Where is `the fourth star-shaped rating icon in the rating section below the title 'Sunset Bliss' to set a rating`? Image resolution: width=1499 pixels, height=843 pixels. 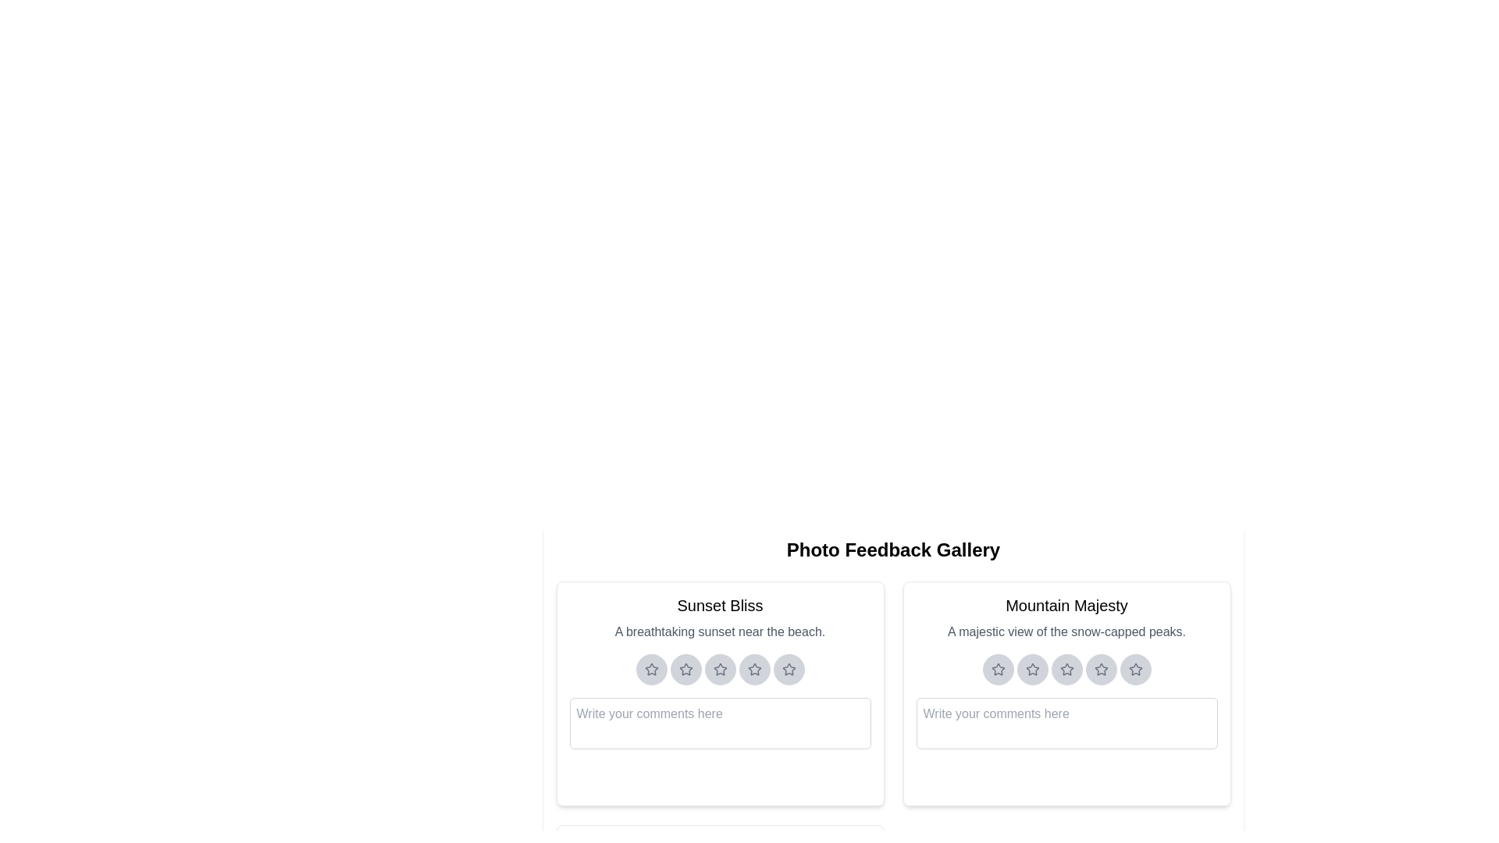 the fourth star-shaped rating icon in the rating section below the title 'Sunset Bliss' to set a rating is located at coordinates (754, 668).